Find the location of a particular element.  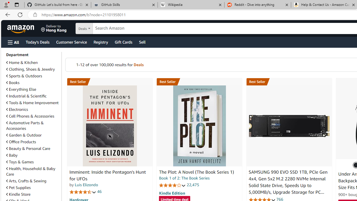

'Office Products' is located at coordinates (32, 141).